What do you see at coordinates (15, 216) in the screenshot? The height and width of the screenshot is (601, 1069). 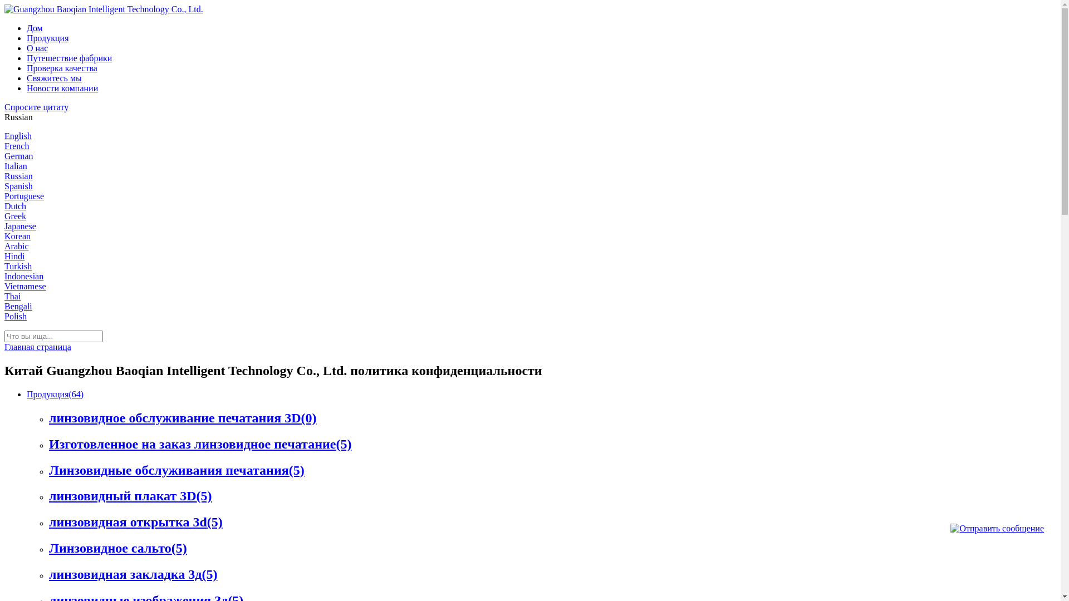 I see `'Greek'` at bounding box center [15, 216].